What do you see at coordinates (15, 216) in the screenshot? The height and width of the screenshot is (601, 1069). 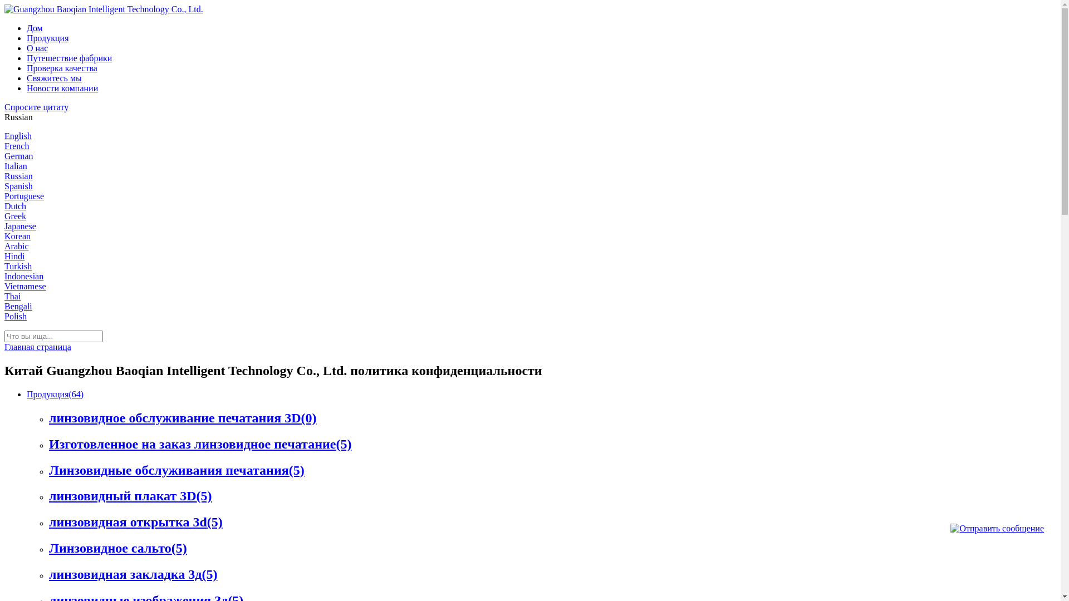 I see `'Greek'` at bounding box center [15, 216].